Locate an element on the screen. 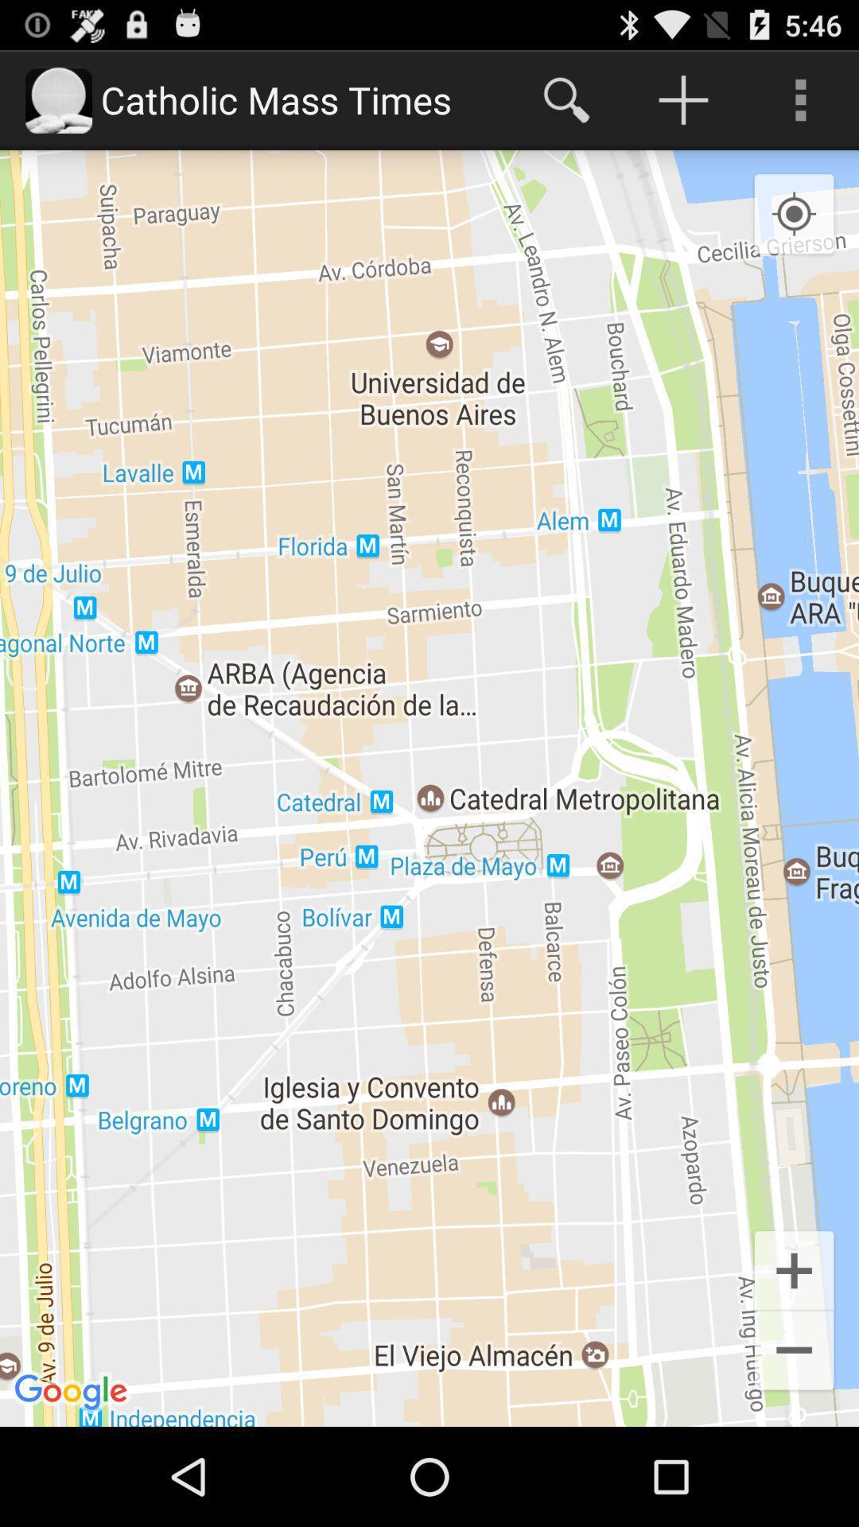  the icon next to the catholic mass times app is located at coordinates (566, 99).